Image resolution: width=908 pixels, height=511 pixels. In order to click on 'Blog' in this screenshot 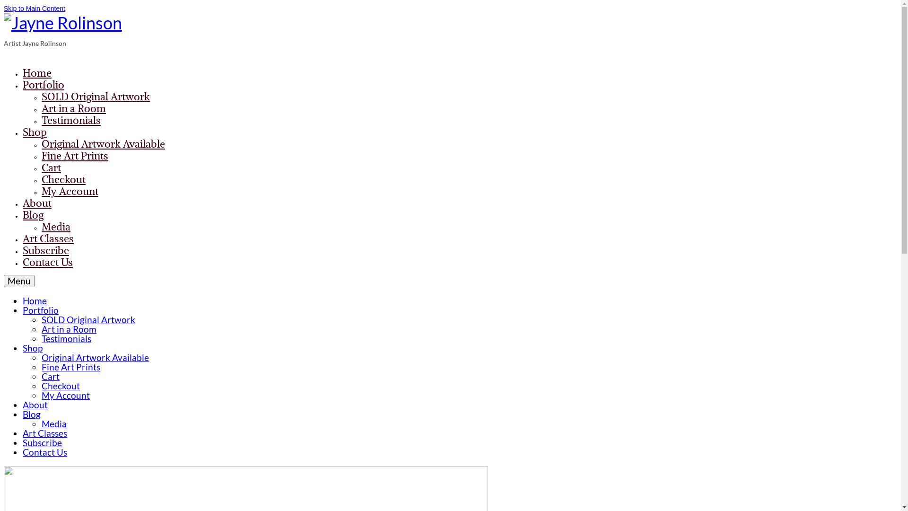, I will do `click(33, 215)`.